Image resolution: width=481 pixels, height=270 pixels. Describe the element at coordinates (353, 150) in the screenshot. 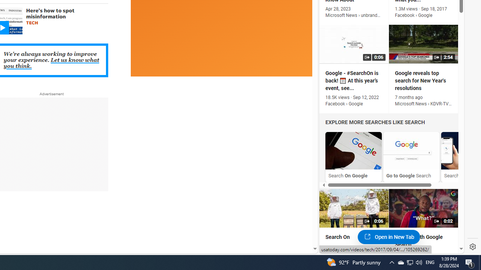

I see `'Search On Google'` at that location.